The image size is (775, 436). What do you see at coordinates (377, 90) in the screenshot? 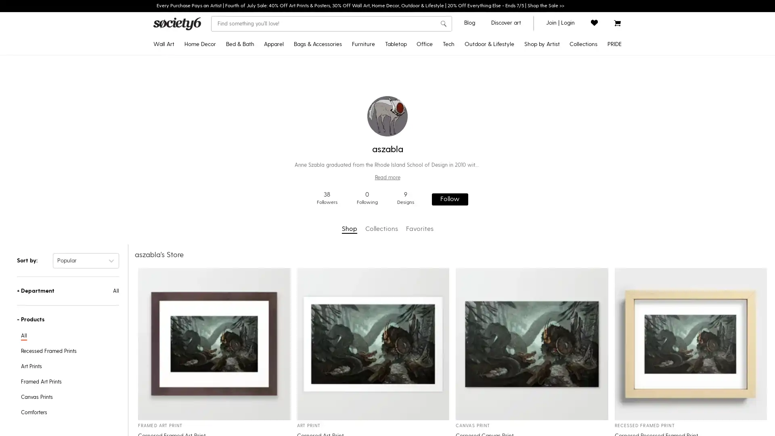
I see `Bar Stools` at bounding box center [377, 90].